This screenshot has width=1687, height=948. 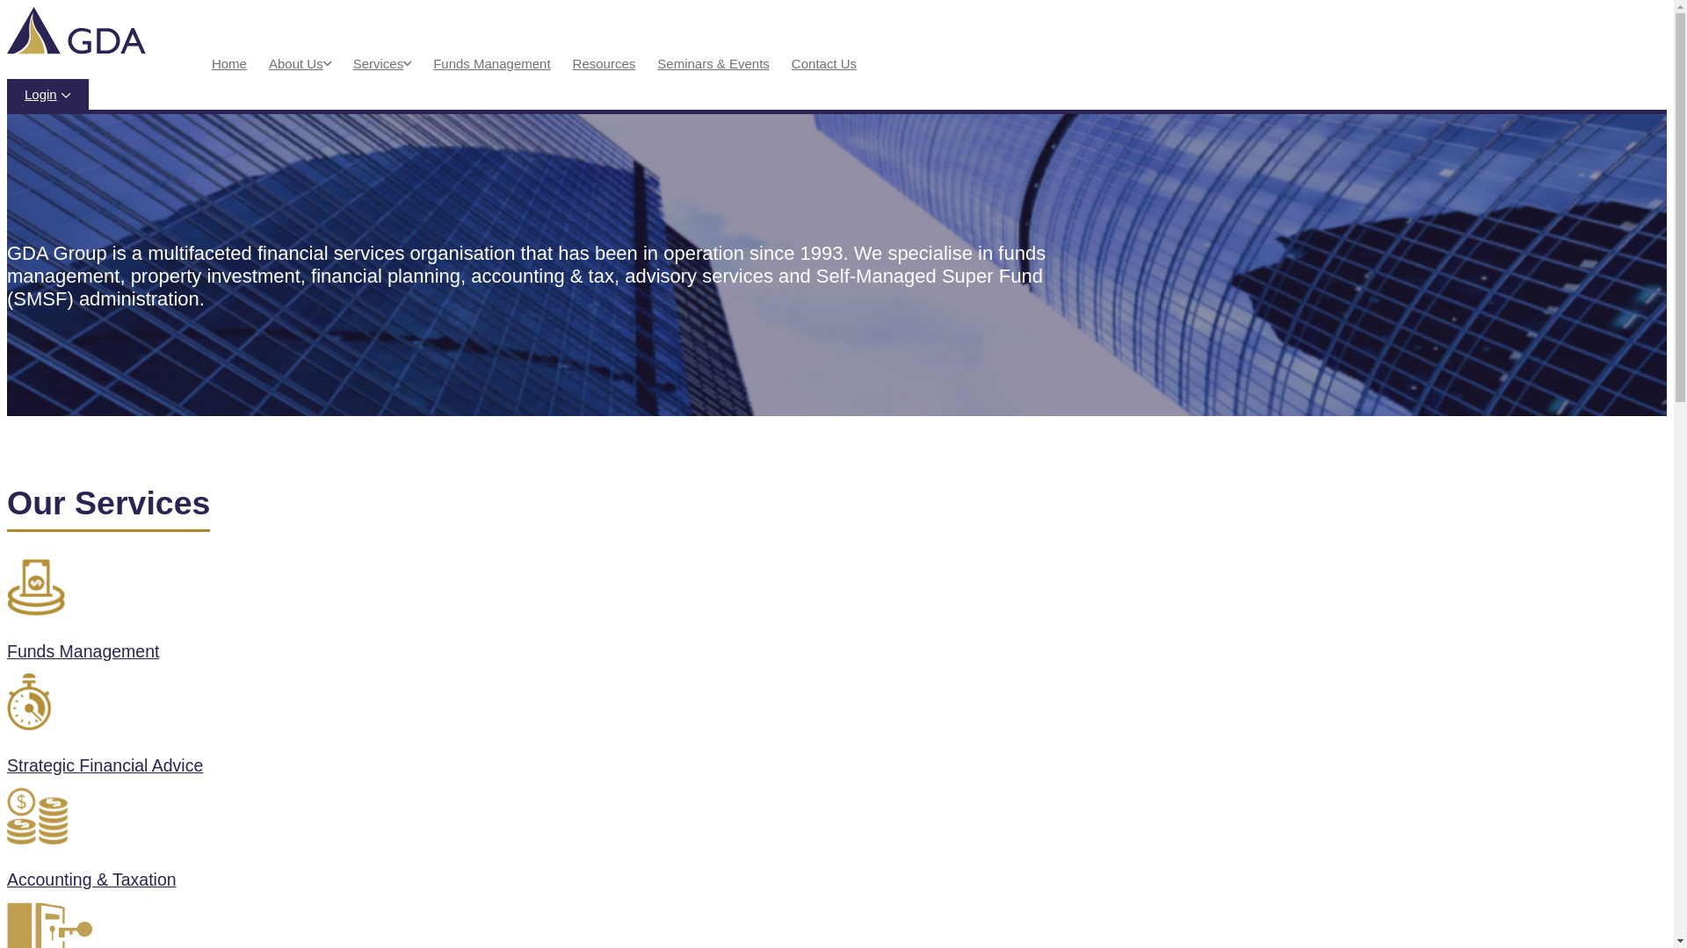 I want to click on 'Funds Management', so click(x=491, y=62).